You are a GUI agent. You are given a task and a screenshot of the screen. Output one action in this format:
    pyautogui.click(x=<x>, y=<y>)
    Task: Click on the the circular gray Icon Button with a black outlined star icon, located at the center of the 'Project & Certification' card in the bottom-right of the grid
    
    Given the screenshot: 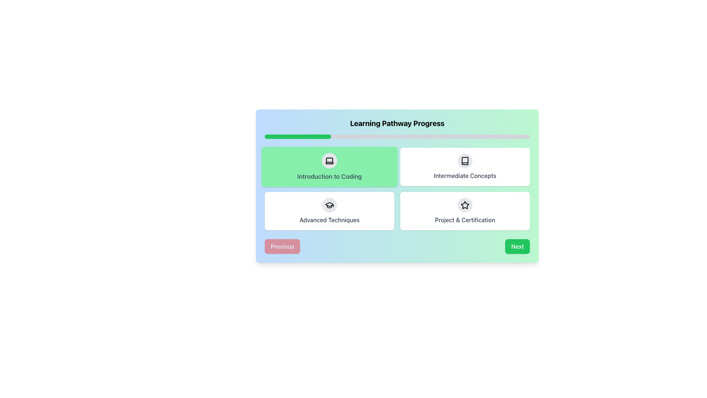 What is the action you would take?
    pyautogui.click(x=464, y=205)
    